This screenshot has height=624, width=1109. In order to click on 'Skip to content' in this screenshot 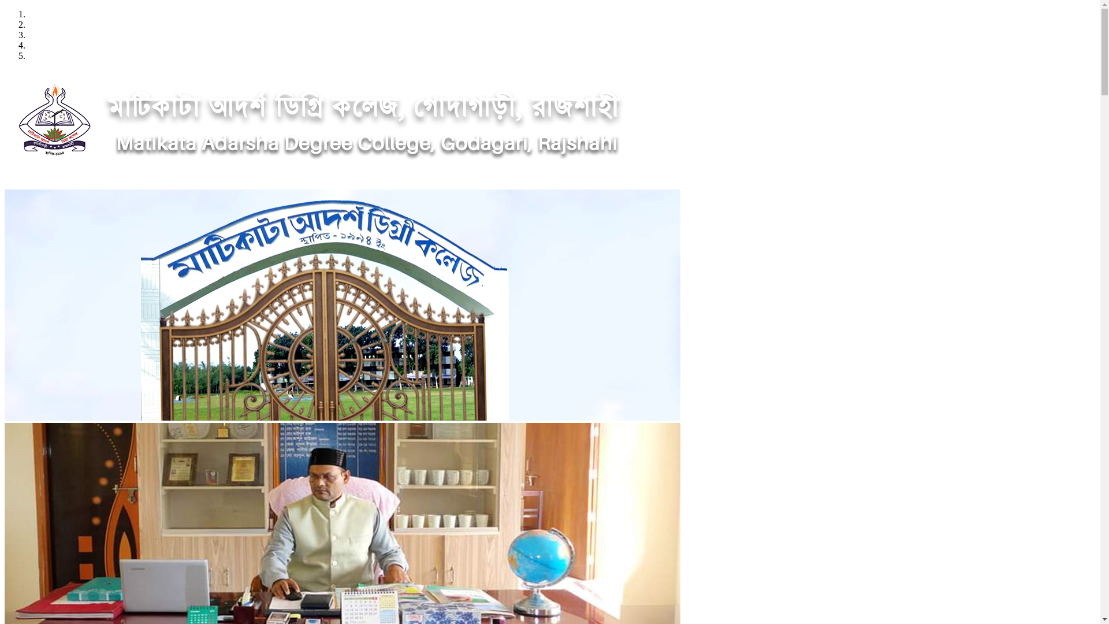, I will do `click(4, 9)`.